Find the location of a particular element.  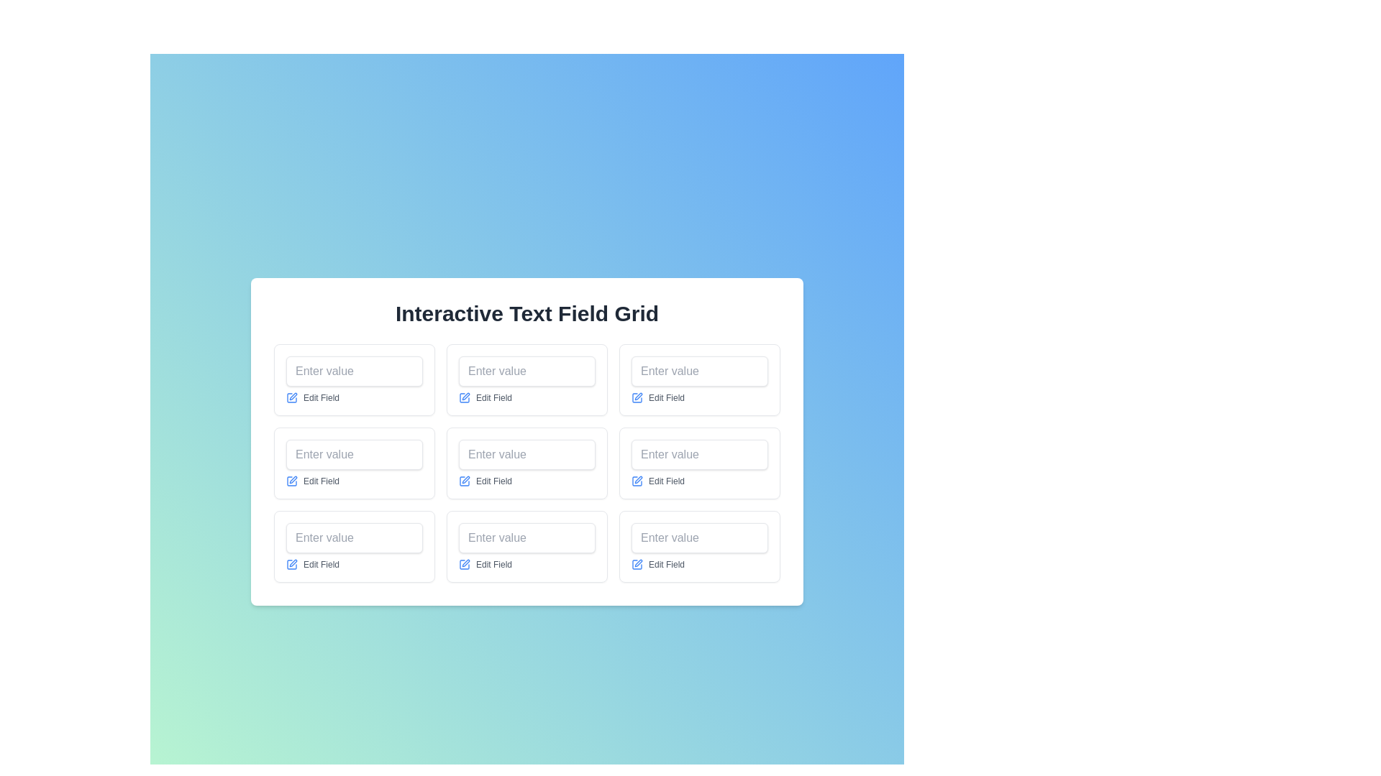

the edit icon located in the bottom row, middle column of the grid layout, which serves as a visual cue for editing or customization is located at coordinates (466, 479).